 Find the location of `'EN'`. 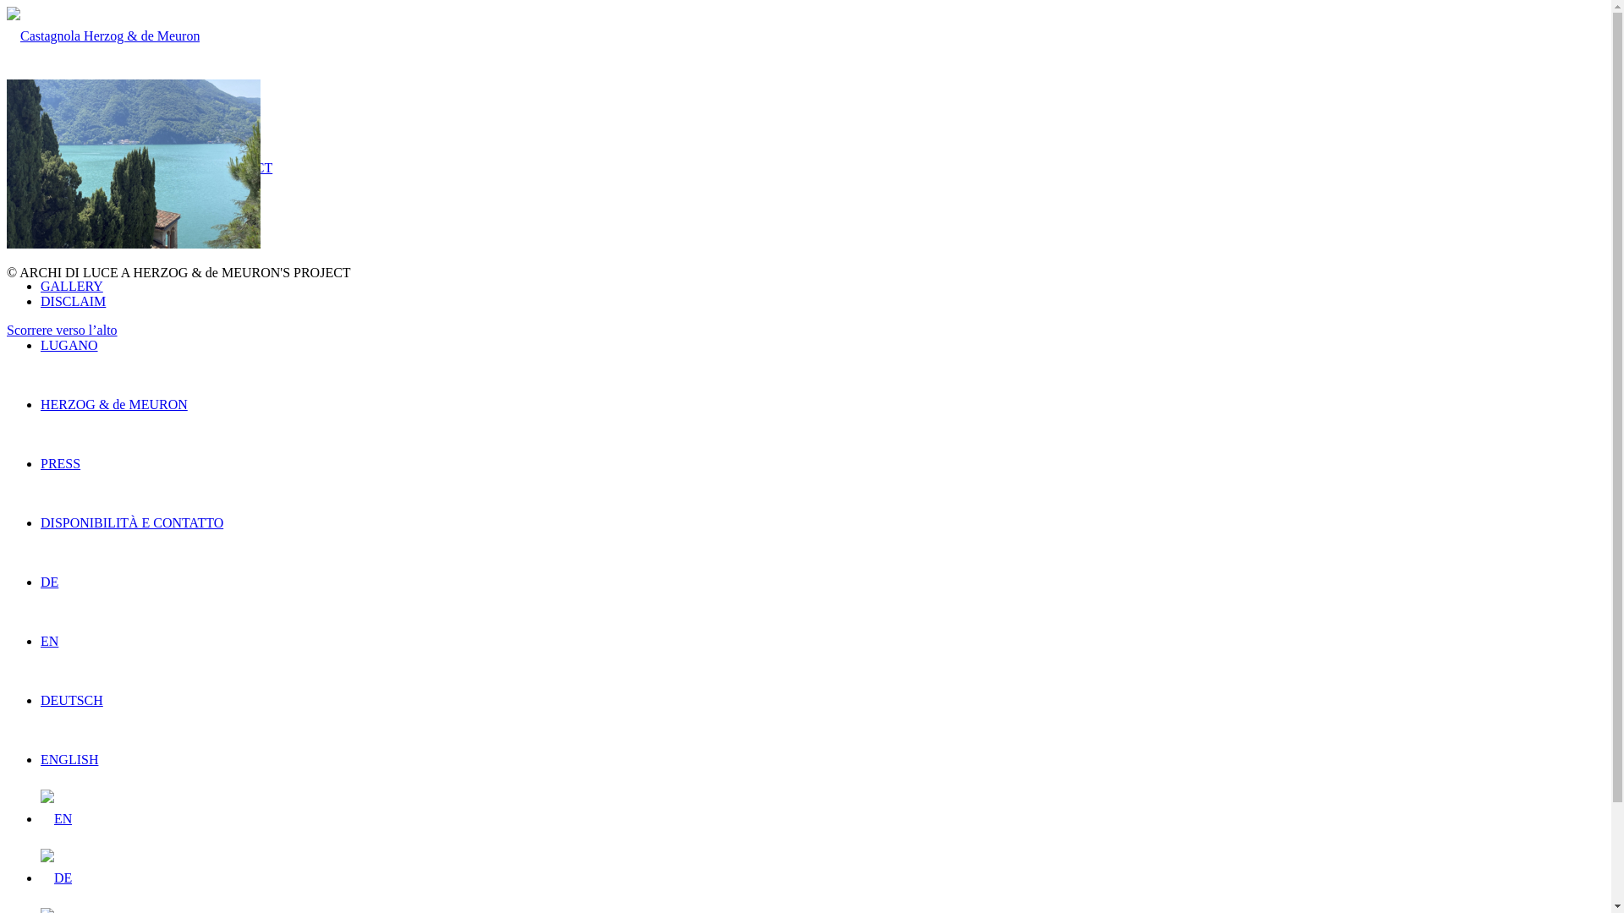

'EN' is located at coordinates (56, 817).